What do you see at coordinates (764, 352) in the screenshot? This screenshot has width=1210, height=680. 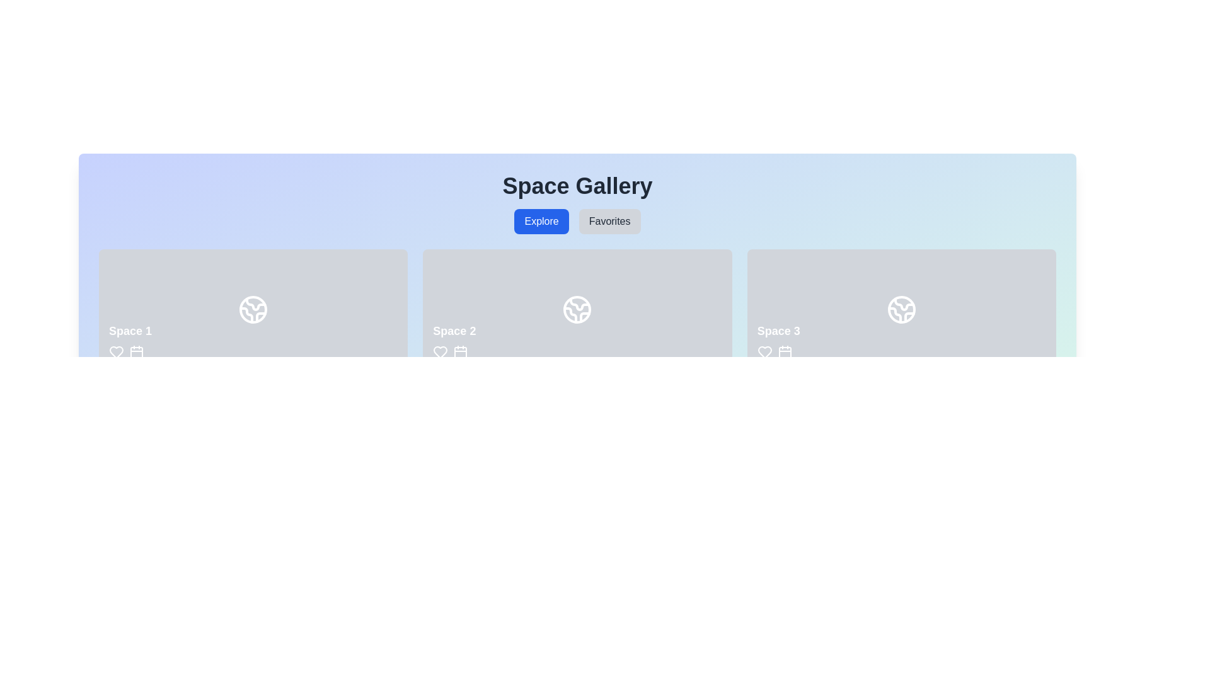 I see `the heart-shaped icon located in the bottom-left corner of 'Space 3'` at bounding box center [764, 352].